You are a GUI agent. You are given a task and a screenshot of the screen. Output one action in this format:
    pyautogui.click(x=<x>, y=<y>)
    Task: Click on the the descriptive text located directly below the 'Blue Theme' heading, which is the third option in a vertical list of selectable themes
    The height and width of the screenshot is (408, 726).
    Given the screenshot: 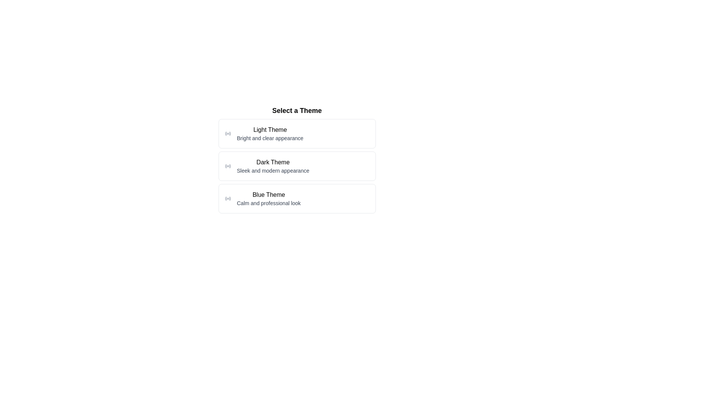 What is the action you would take?
    pyautogui.click(x=268, y=202)
    